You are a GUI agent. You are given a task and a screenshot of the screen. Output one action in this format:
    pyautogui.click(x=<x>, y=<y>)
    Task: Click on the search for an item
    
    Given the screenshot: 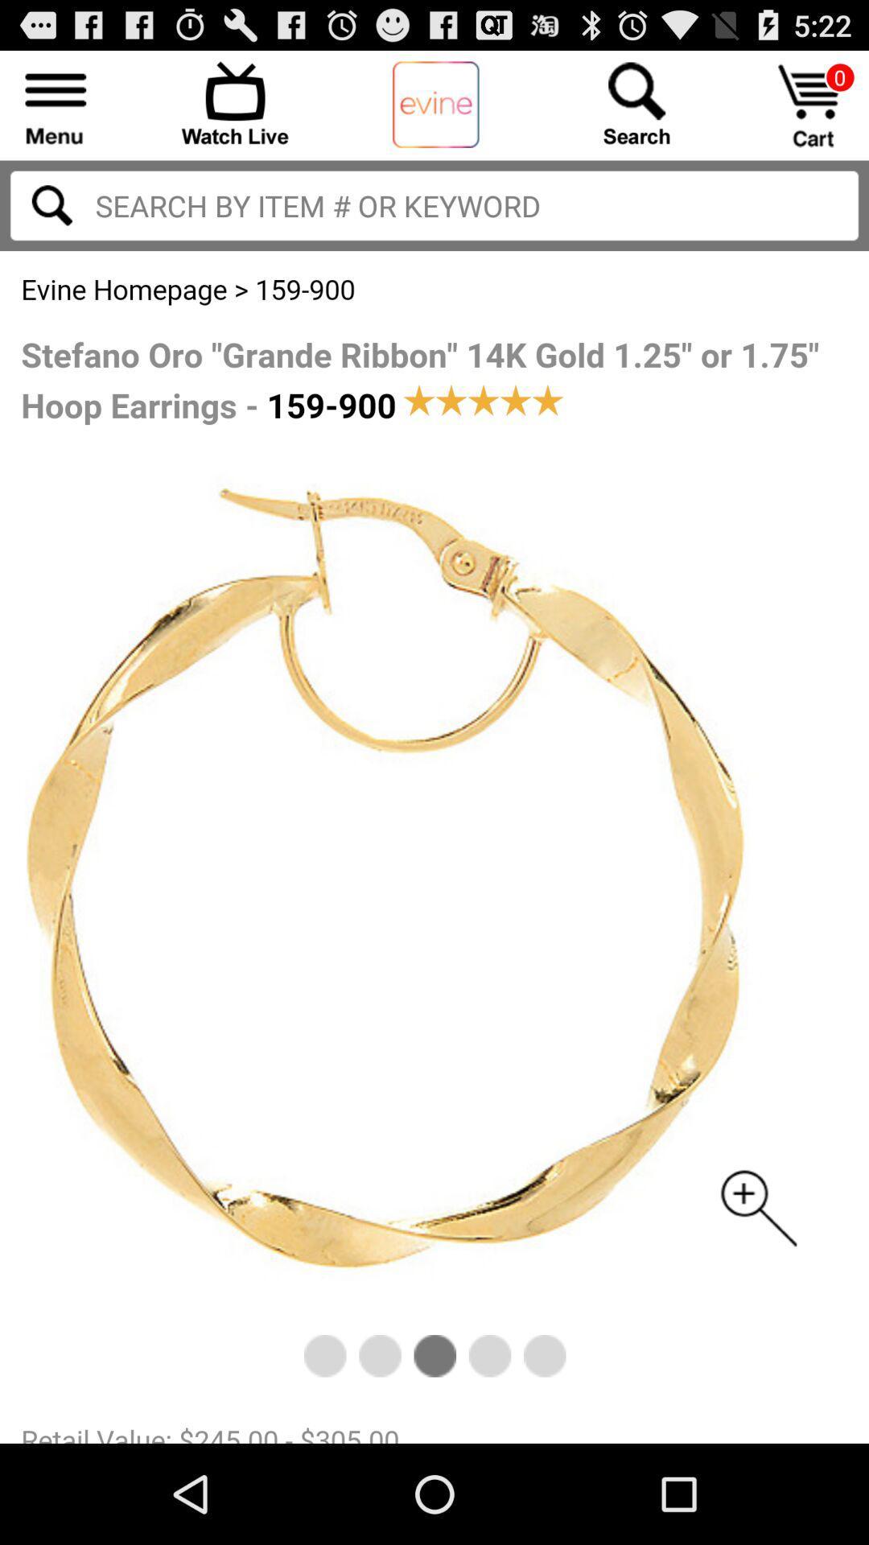 What is the action you would take?
    pyautogui.click(x=636, y=102)
    